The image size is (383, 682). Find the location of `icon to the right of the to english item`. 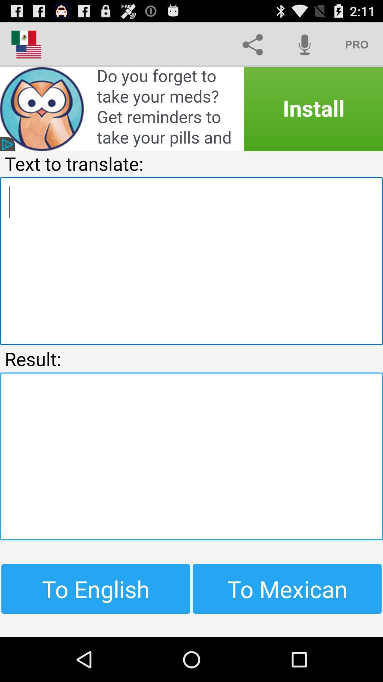

icon to the right of the to english item is located at coordinates (287, 589).